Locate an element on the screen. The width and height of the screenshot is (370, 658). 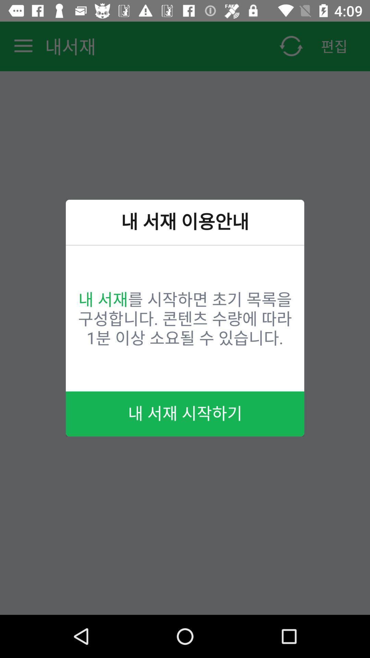
the refresh icon is located at coordinates (291, 46).